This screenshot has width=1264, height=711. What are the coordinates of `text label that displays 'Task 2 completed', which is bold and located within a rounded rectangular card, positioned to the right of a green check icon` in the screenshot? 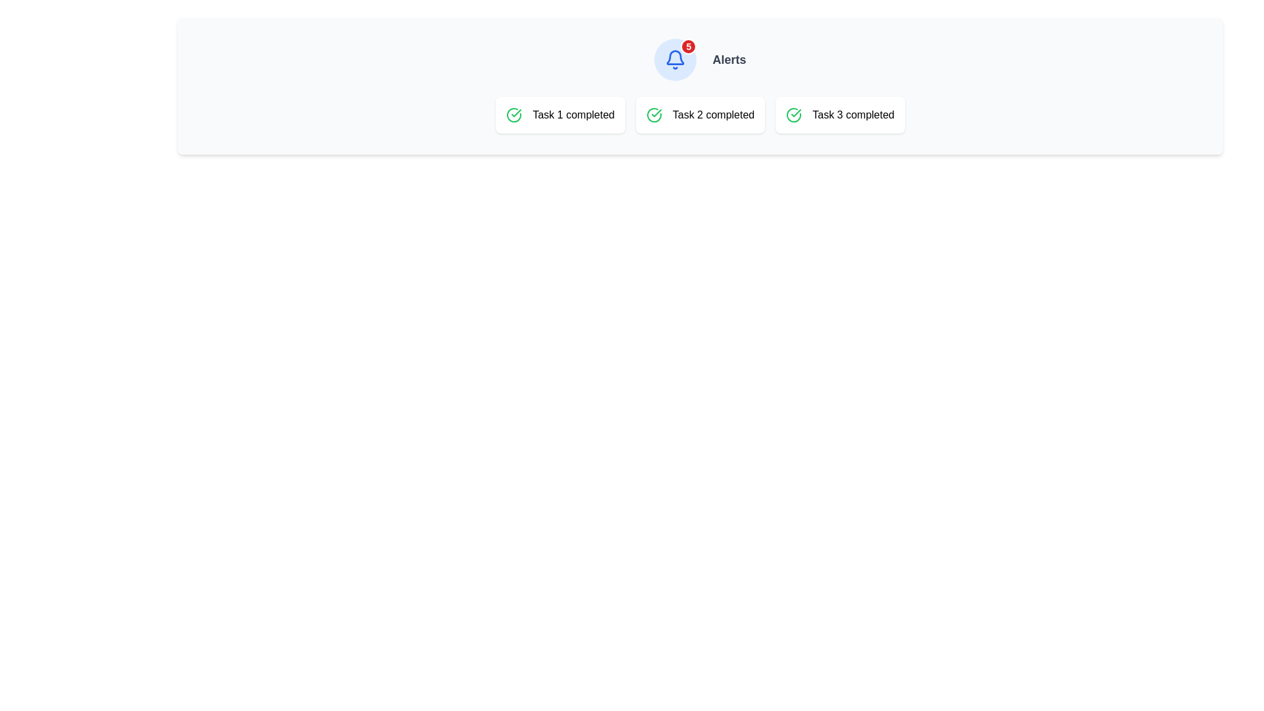 It's located at (713, 114).